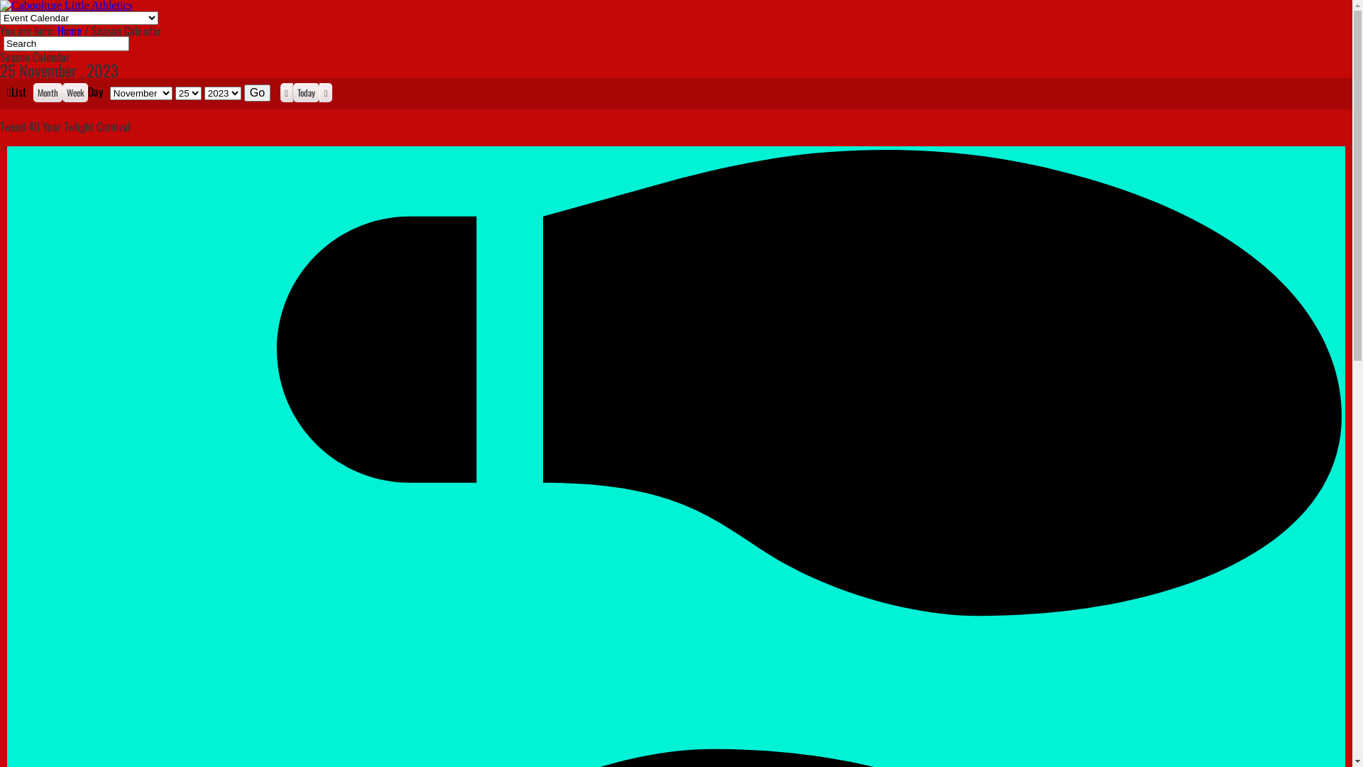 The height and width of the screenshot is (767, 1363). Describe the element at coordinates (74, 92) in the screenshot. I see `'Week'` at that location.